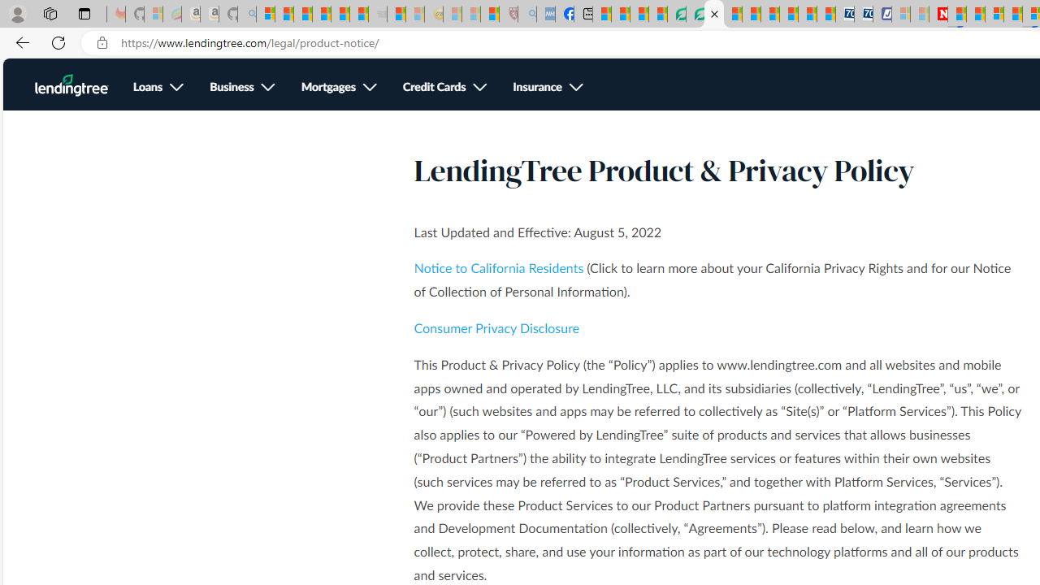 The height and width of the screenshot is (585, 1040). I want to click on 'LendingTree Homepage Logo', so click(71, 85).